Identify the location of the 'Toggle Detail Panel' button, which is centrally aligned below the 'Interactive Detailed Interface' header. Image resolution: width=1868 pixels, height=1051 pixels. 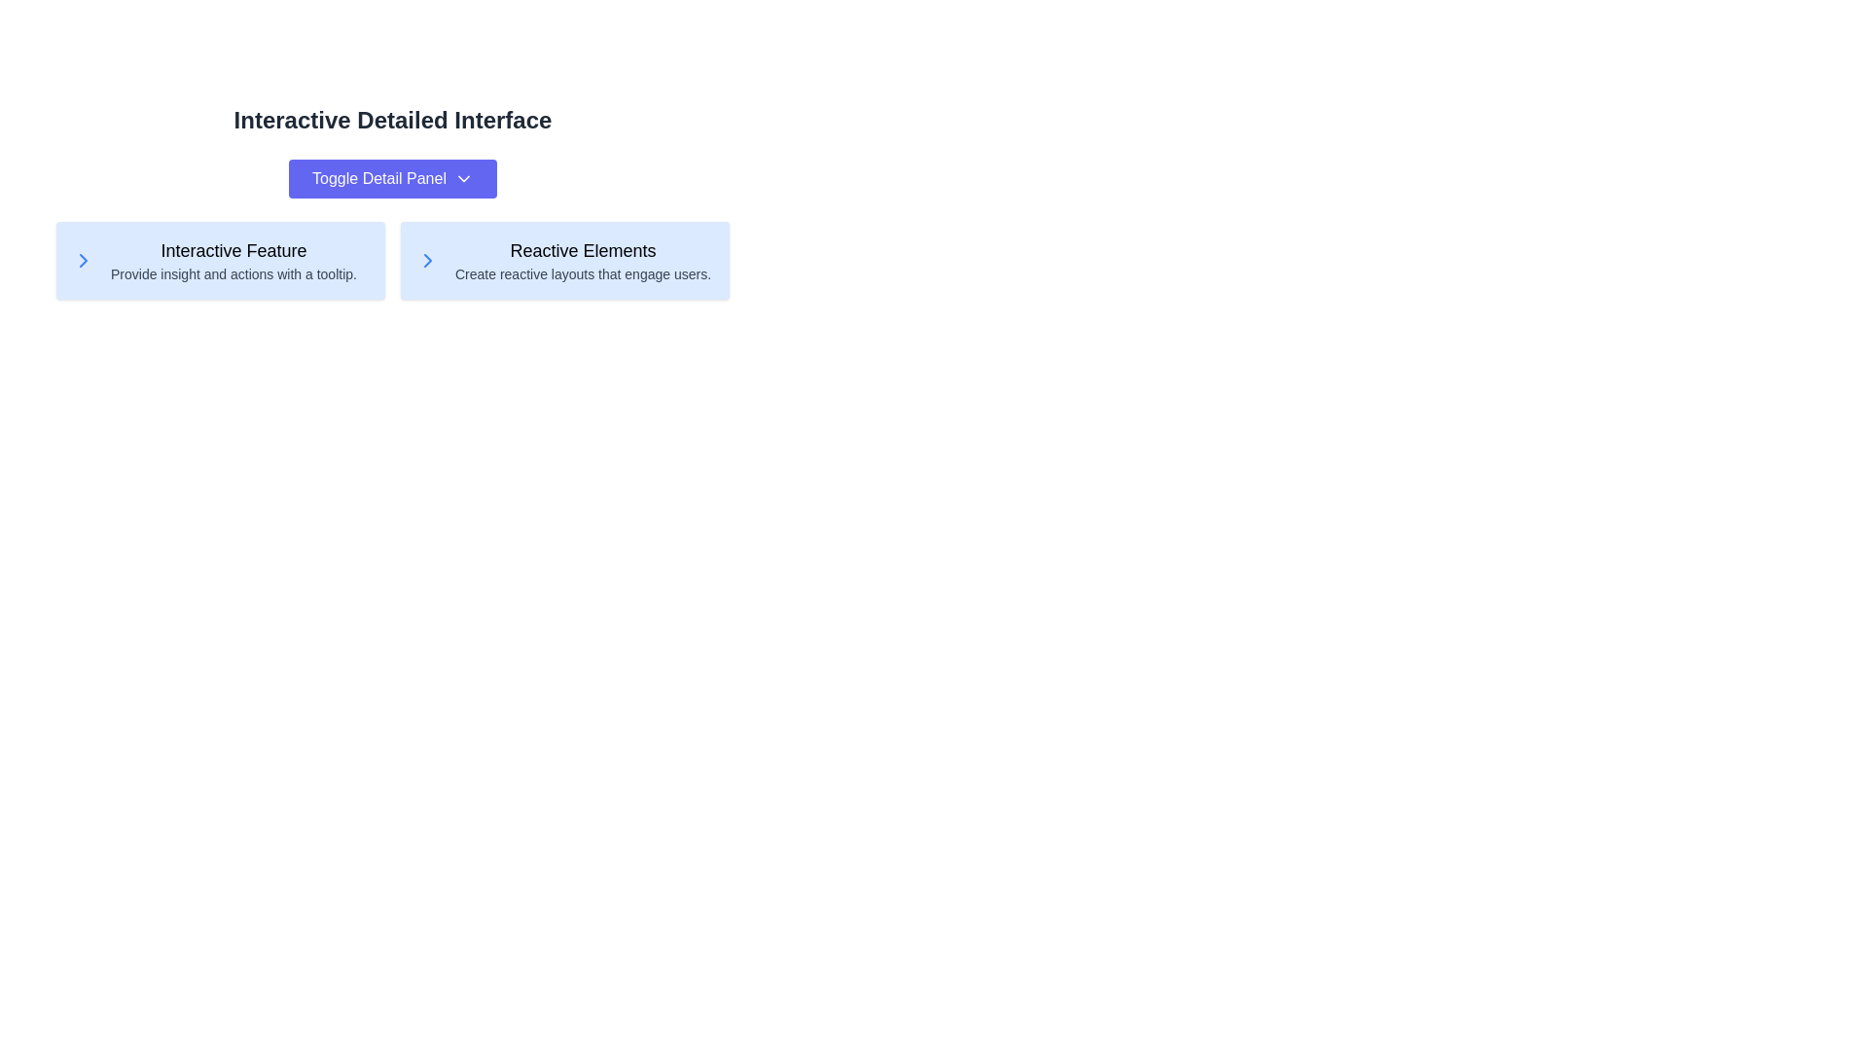
(391, 179).